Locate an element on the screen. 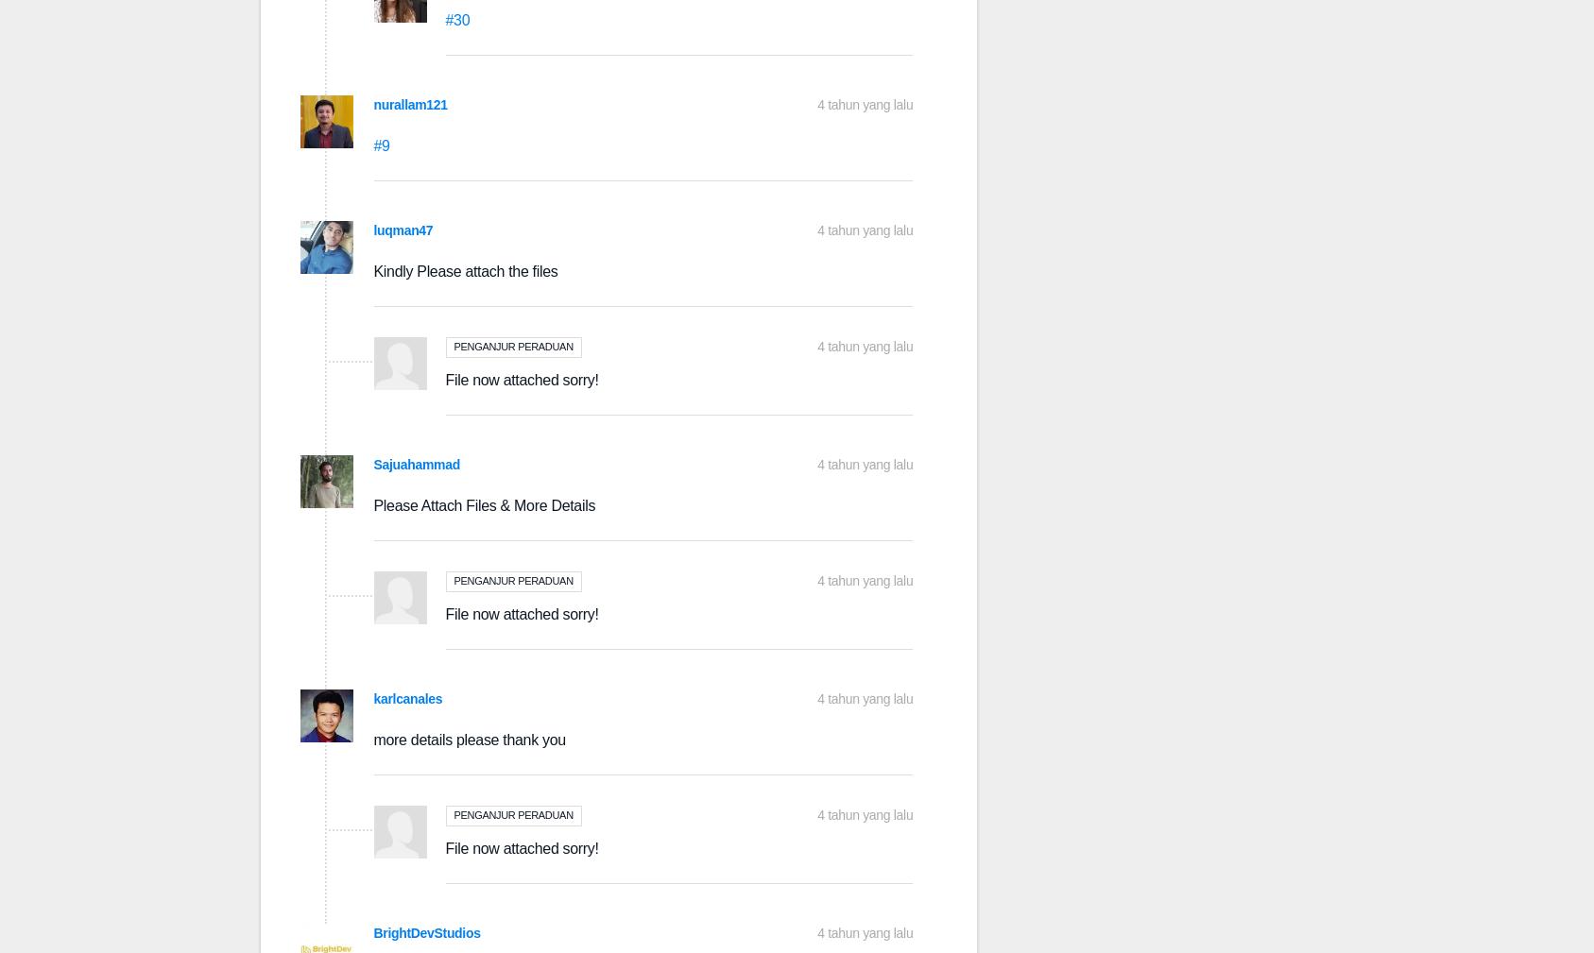 This screenshot has height=953, width=1594. '#30' is located at coordinates (456, 19).